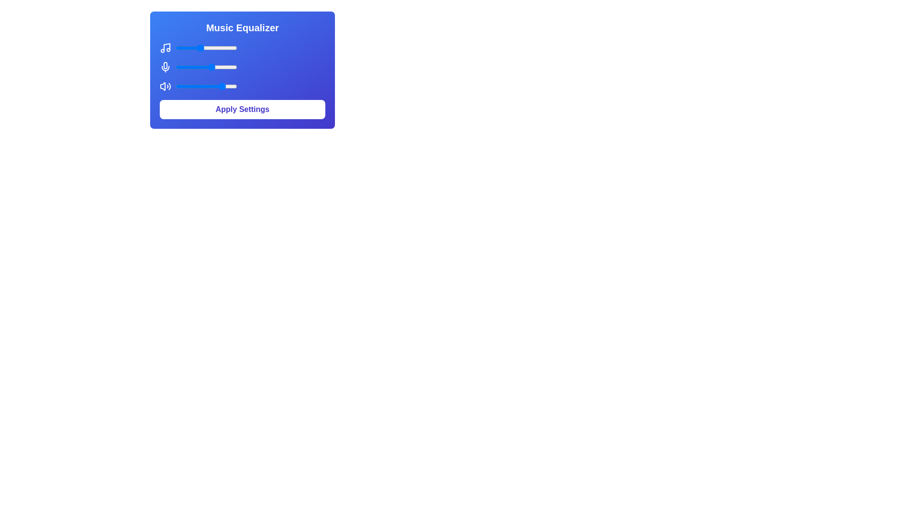  What do you see at coordinates (224, 48) in the screenshot?
I see `the music level` at bounding box center [224, 48].